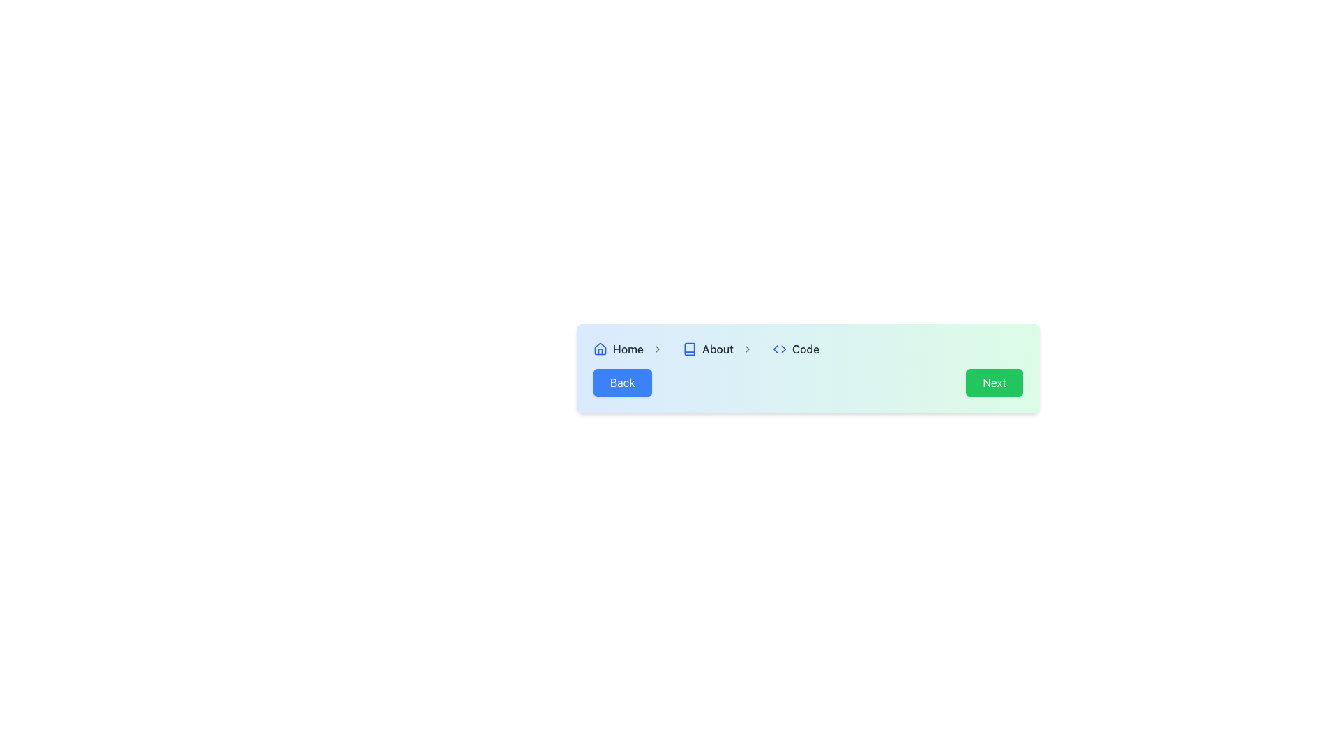 This screenshot has height=753, width=1339. Describe the element at coordinates (746, 349) in the screenshot. I see `the chevron icon pointing to the right, which is styled with a gray stroke and positioned to the right of the 'About' link in the breadcrumb navigation bar` at that location.